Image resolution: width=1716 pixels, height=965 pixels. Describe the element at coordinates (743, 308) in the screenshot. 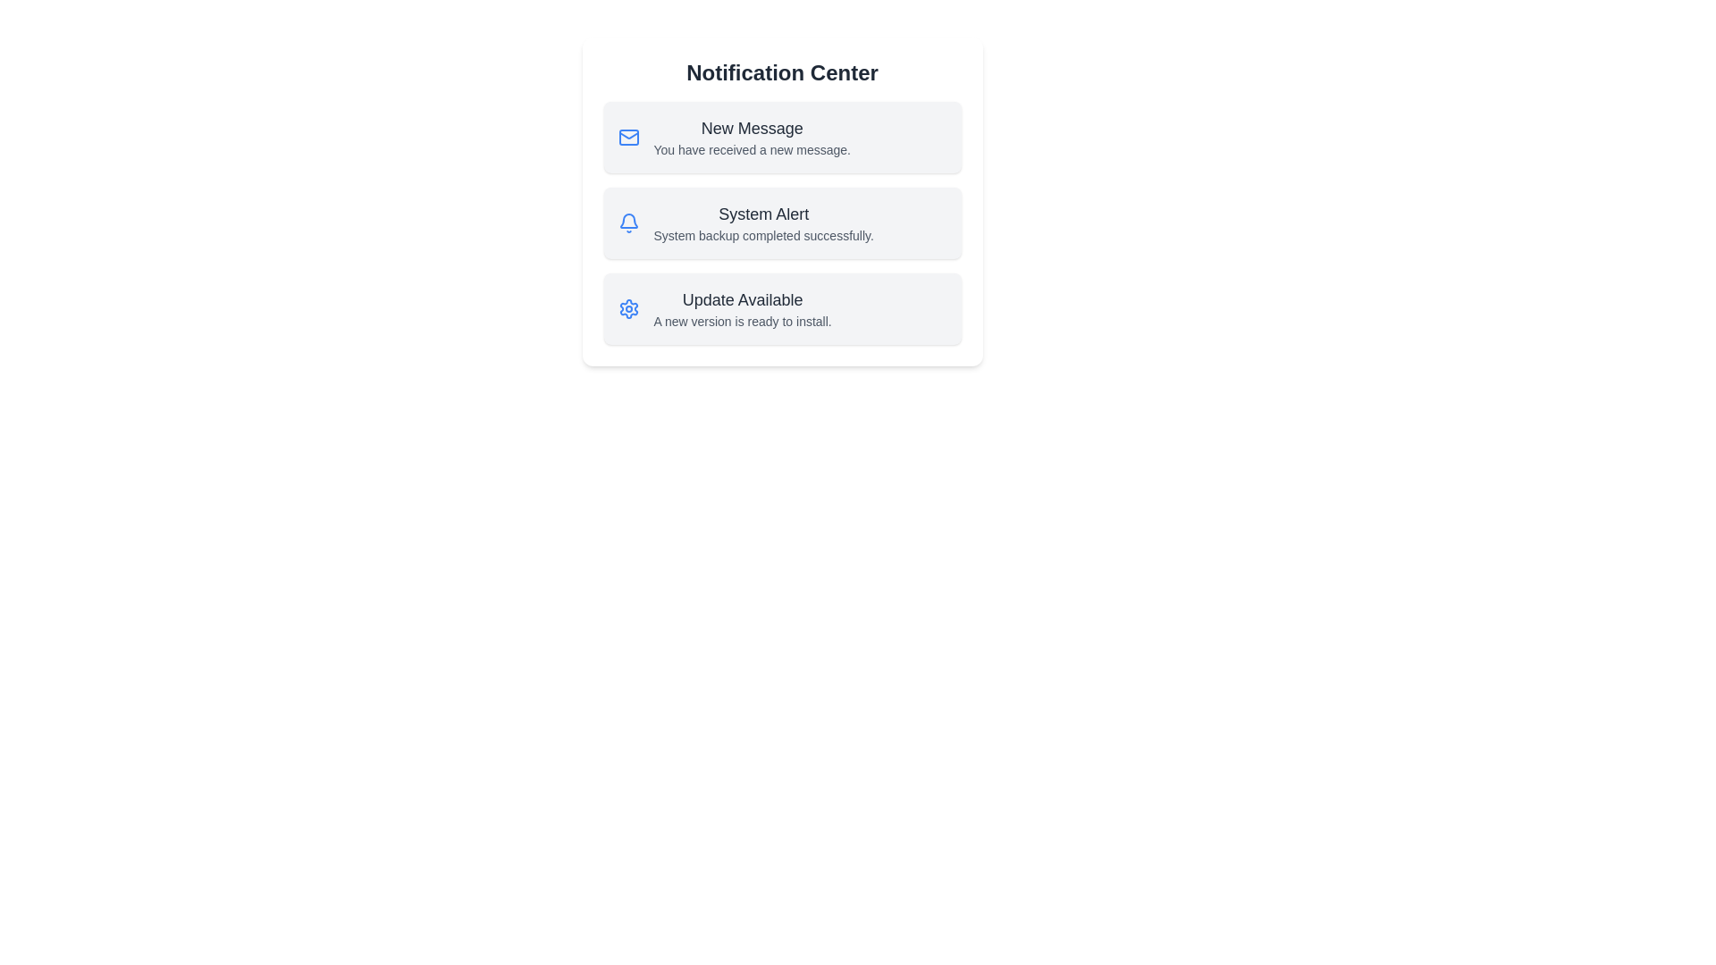

I see `the last notification in the 'Notification Center' that informs the user about an available update for the application` at that location.